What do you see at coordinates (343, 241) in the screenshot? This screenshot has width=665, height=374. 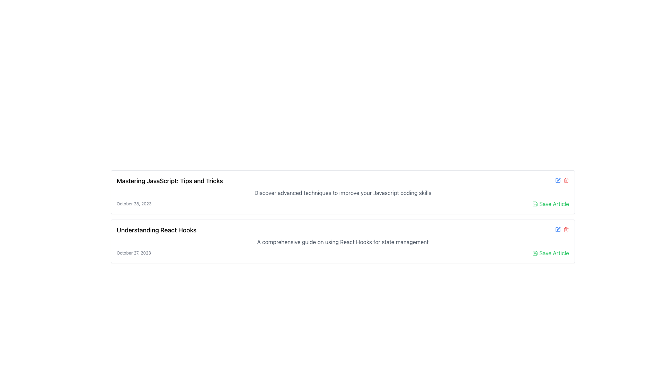 I see `gray-colored text description below the title 'Understanding React Hooks' that states 'A comprehensive guide on using React Hooks for state management'` at bounding box center [343, 241].